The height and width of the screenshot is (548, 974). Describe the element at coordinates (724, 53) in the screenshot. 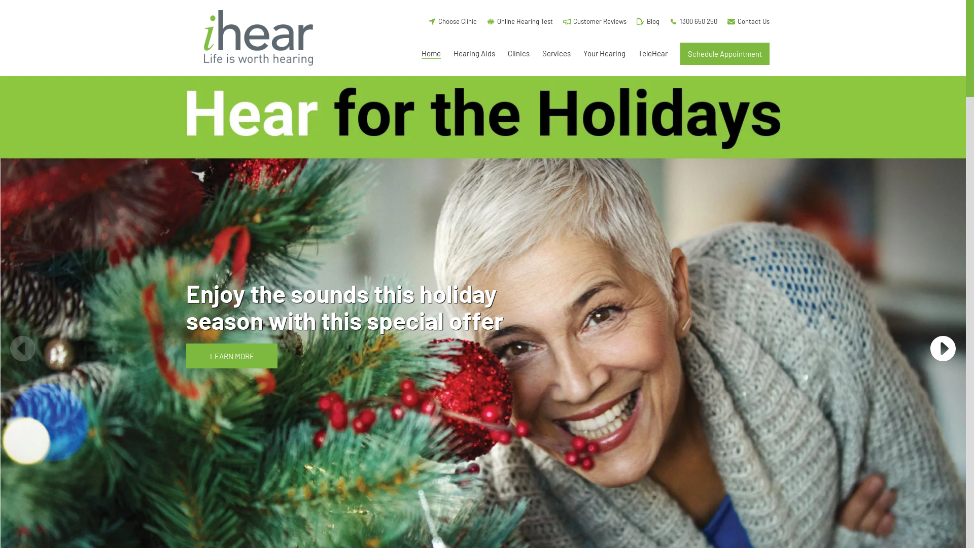

I see `'Schedule Appointment'` at that location.